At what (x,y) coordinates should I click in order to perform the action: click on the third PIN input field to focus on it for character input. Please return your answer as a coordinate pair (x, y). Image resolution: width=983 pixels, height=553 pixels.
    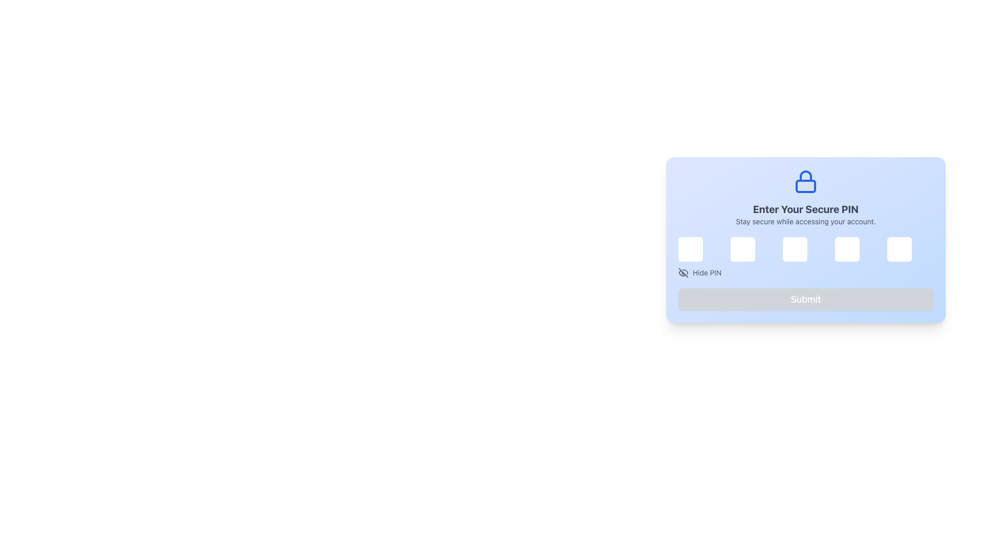
    Looking at the image, I should click on (805, 240).